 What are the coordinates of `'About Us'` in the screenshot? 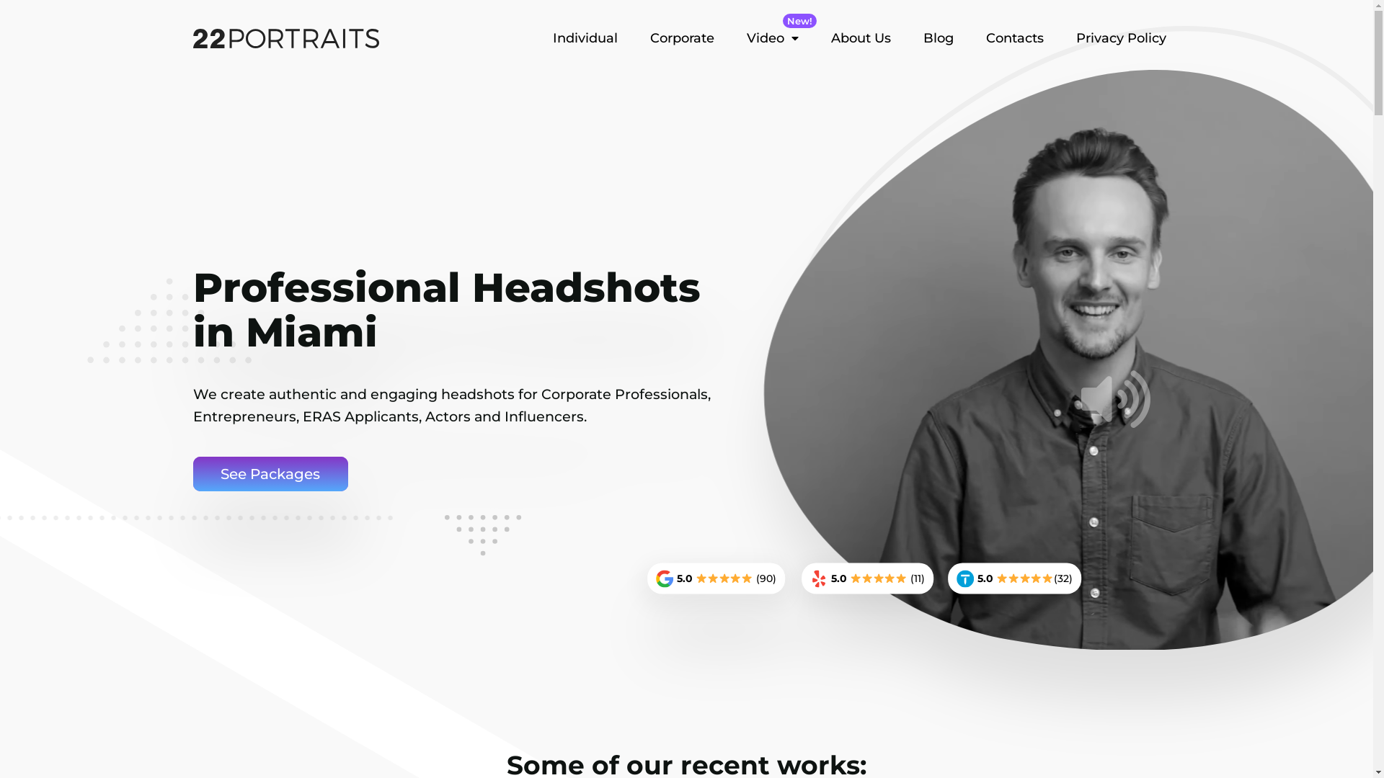 It's located at (816, 37).